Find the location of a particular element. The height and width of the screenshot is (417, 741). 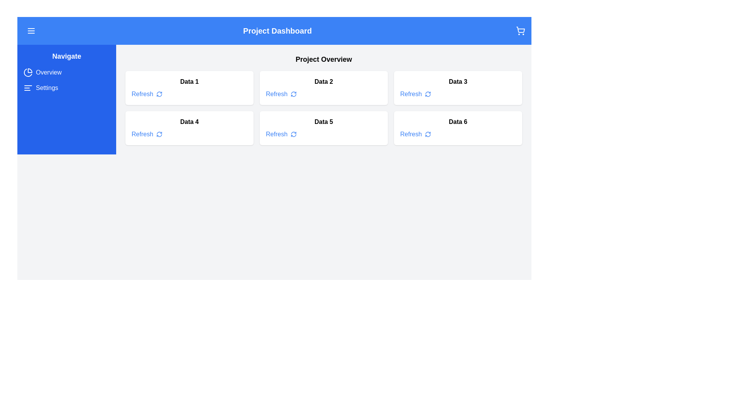

the 'Refresh' button with a blue color and refresh icon located in the 'Project Overview' section, below 'Data 3', to refresh the data is located at coordinates (415, 93).